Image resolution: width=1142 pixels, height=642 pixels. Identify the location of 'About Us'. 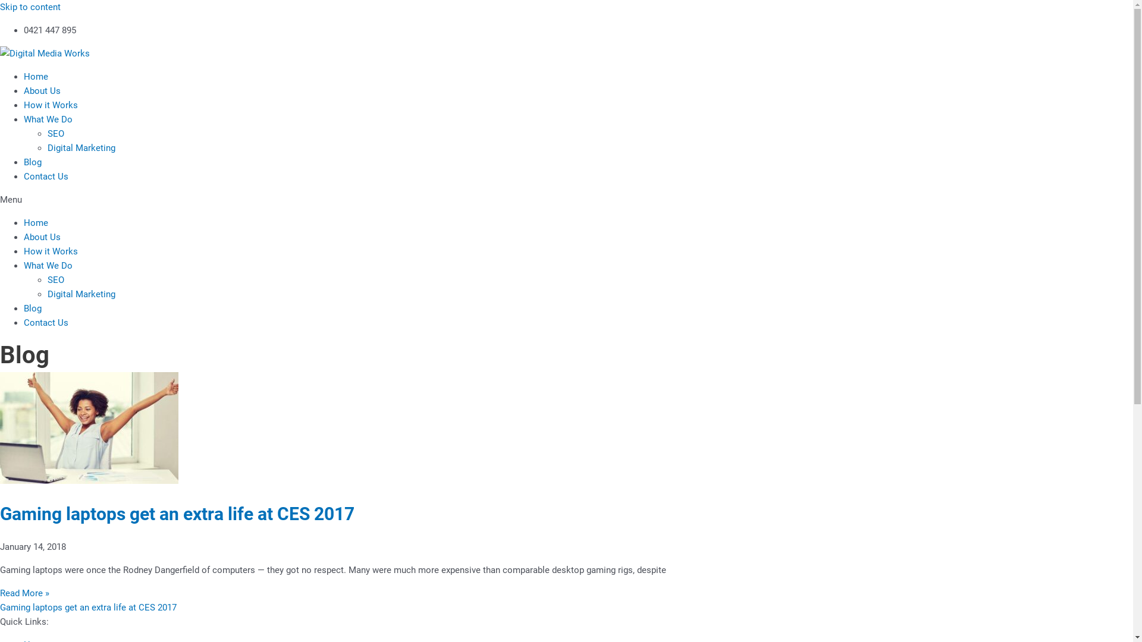
(42, 237).